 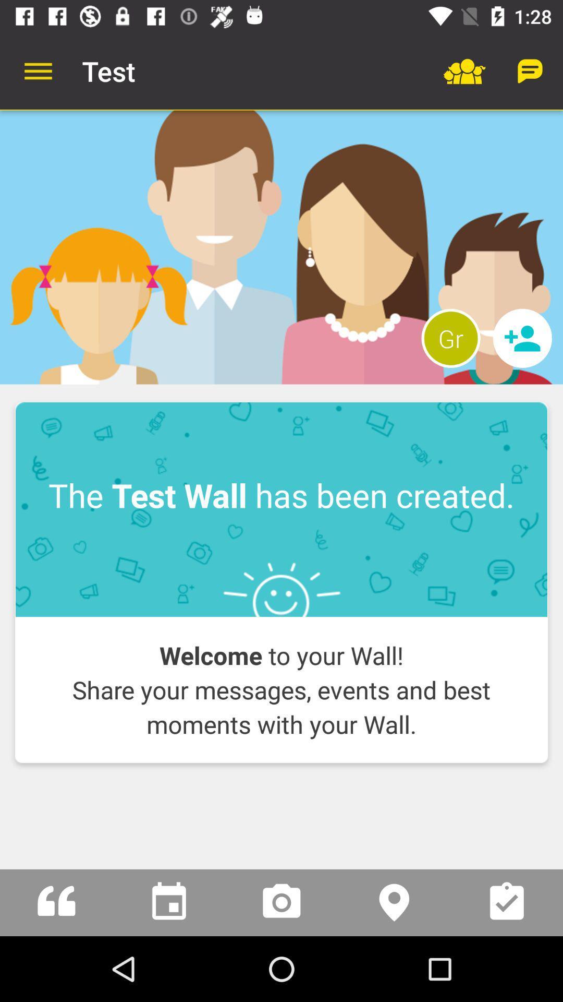 What do you see at coordinates (281, 509) in the screenshot?
I see `item above the welcome to your` at bounding box center [281, 509].